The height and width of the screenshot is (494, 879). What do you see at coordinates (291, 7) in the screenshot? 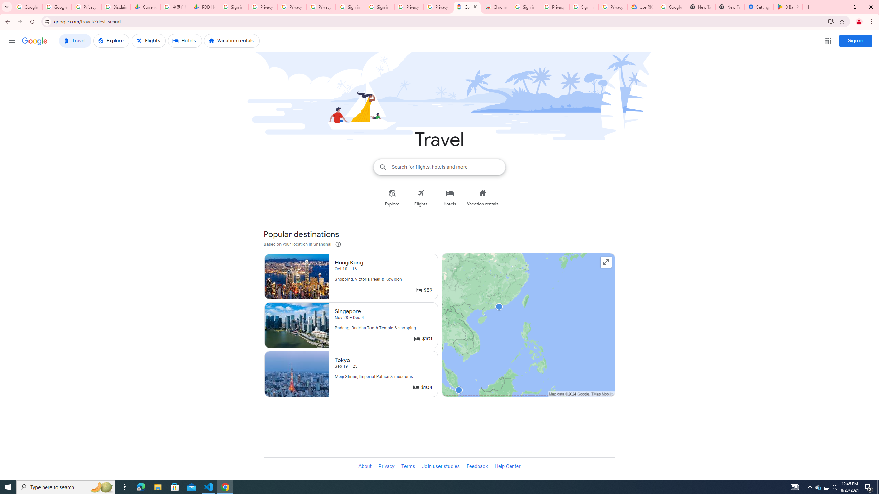
I see `'Privacy Checkup'` at bounding box center [291, 7].